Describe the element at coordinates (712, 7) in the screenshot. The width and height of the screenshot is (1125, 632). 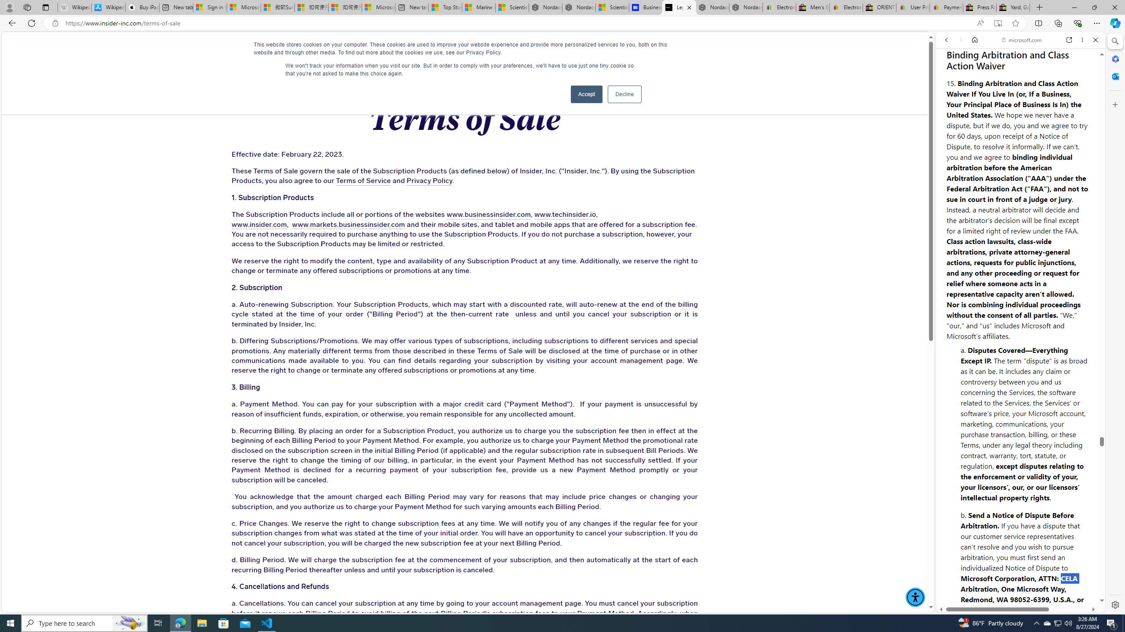
I see `'Nordace - Summer Adventures 2024'` at that location.